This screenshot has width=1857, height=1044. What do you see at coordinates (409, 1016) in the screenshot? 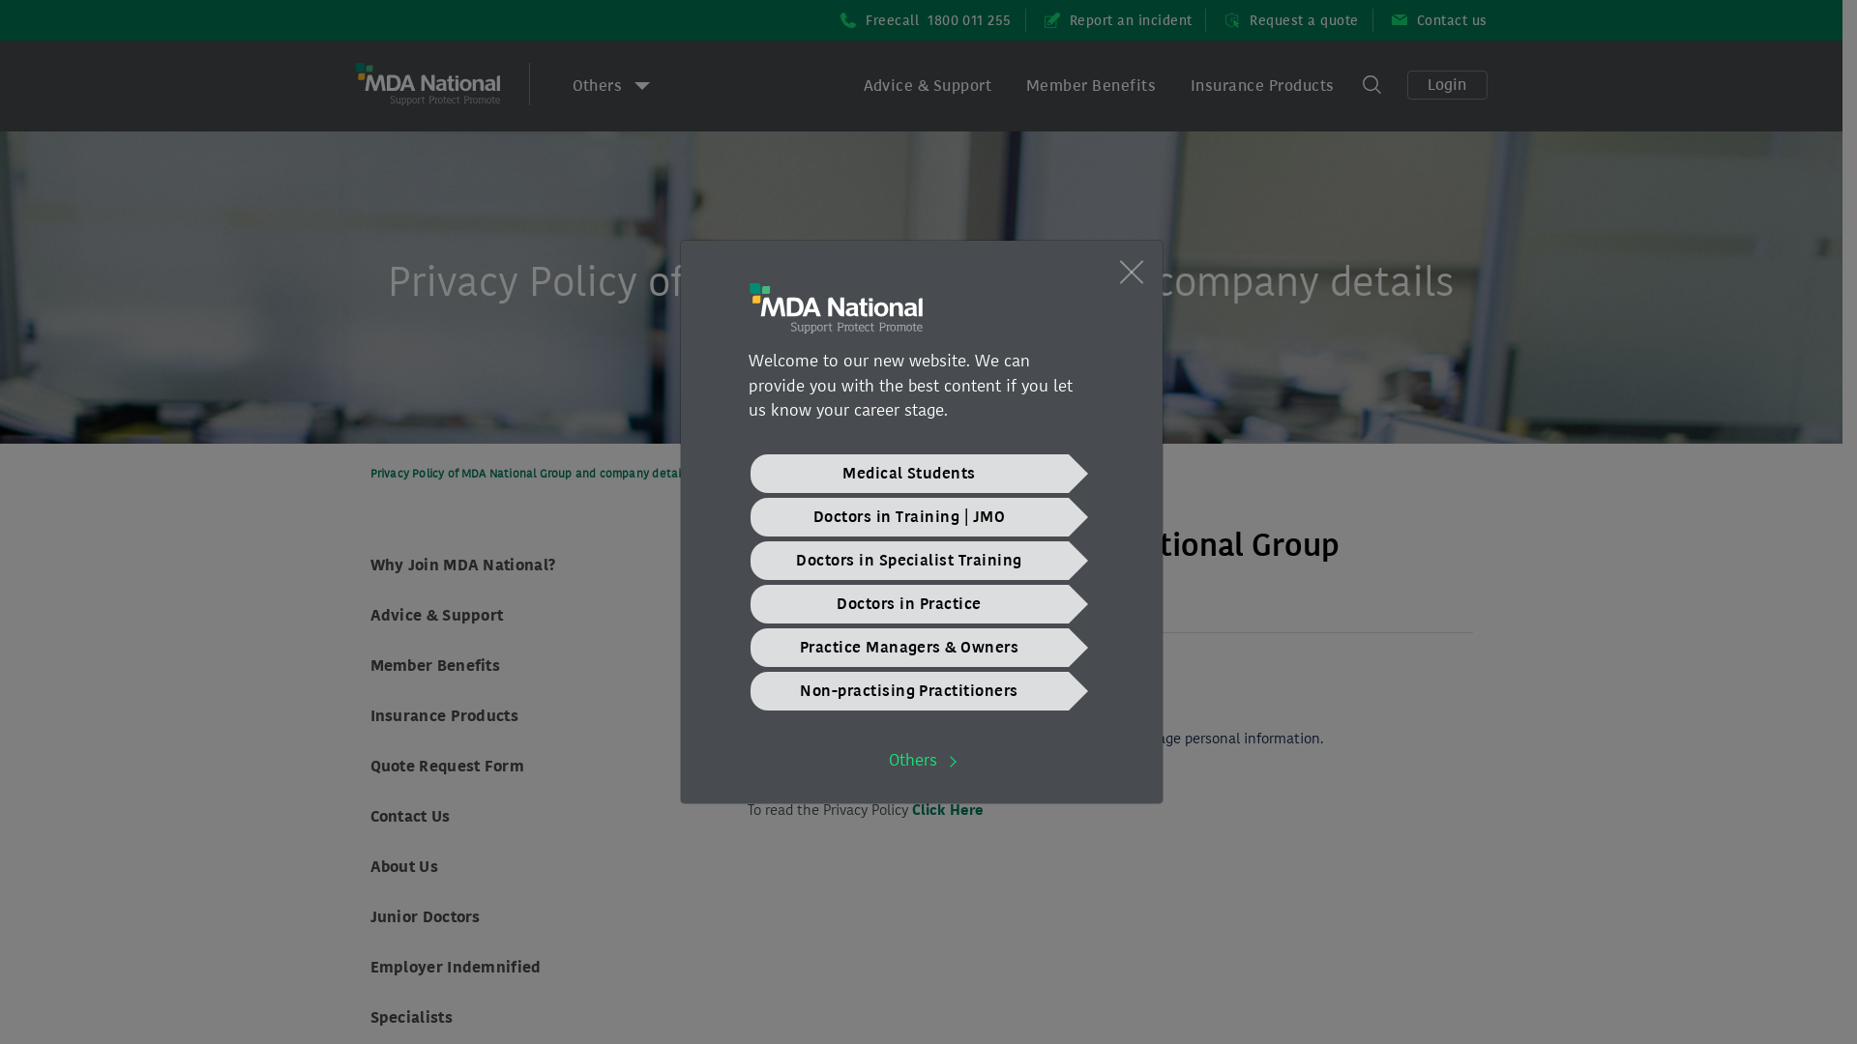
I see `'Specialists'` at bounding box center [409, 1016].